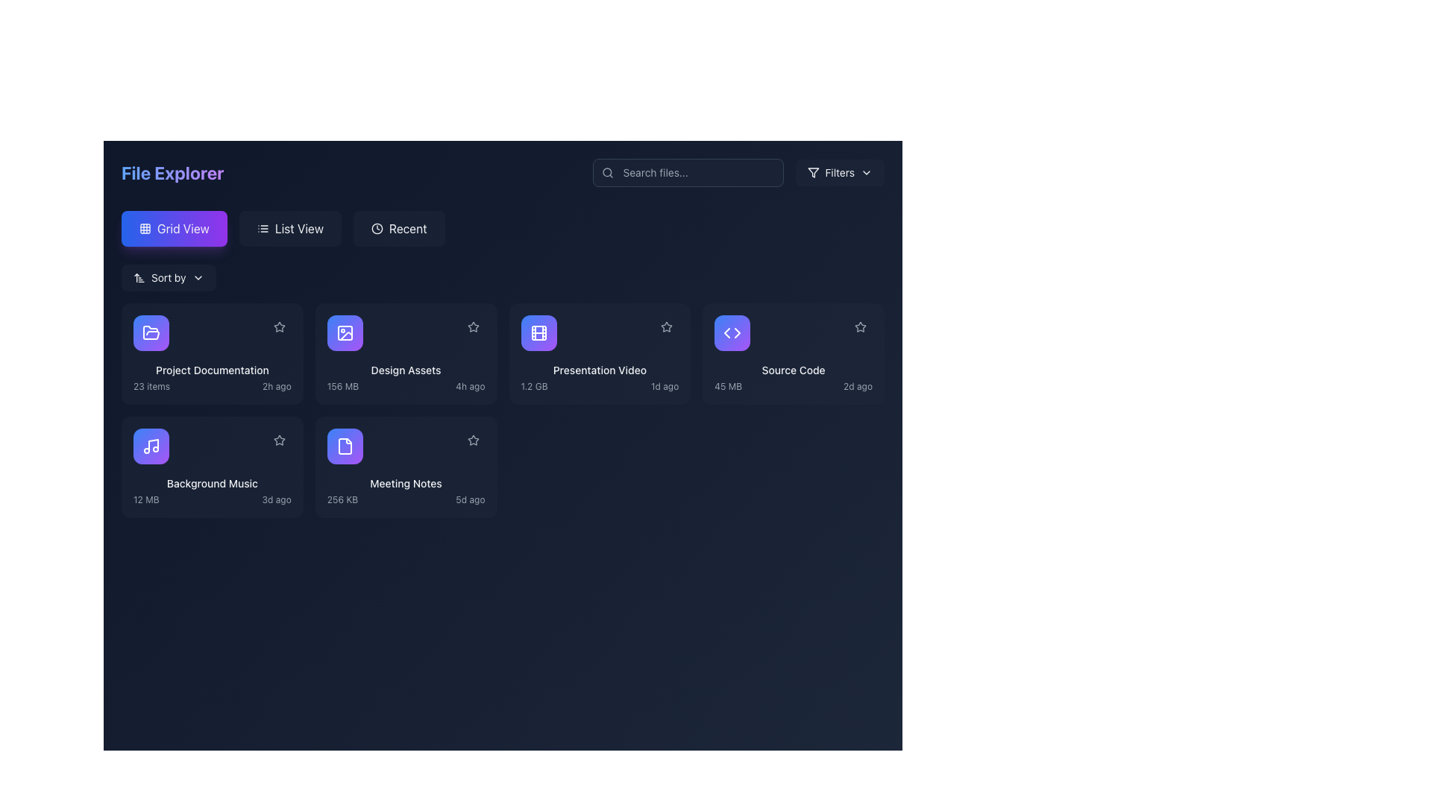 The height and width of the screenshot is (805, 1432). I want to click on text label 'Project Documentation' located within the first card of the grid layout in the file explorer interface, which is styled in a small font and positioned below a folder icon, so click(211, 370).